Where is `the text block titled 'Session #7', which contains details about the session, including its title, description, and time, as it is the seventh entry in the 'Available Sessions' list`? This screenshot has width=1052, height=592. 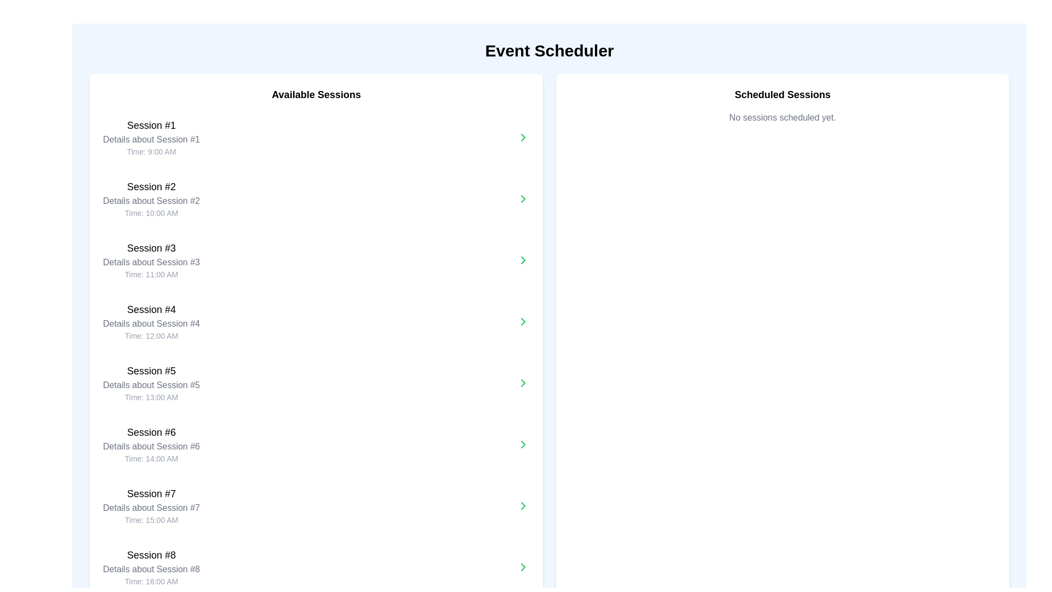
the text block titled 'Session #7', which contains details about the session, including its title, description, and time, as it is the seventh entry in the 'Available Sessions' list is located at coordinates (151, 505).